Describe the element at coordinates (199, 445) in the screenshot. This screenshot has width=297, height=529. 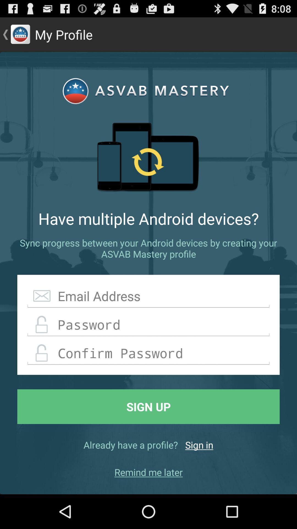
I see `sign in icon` at that location.